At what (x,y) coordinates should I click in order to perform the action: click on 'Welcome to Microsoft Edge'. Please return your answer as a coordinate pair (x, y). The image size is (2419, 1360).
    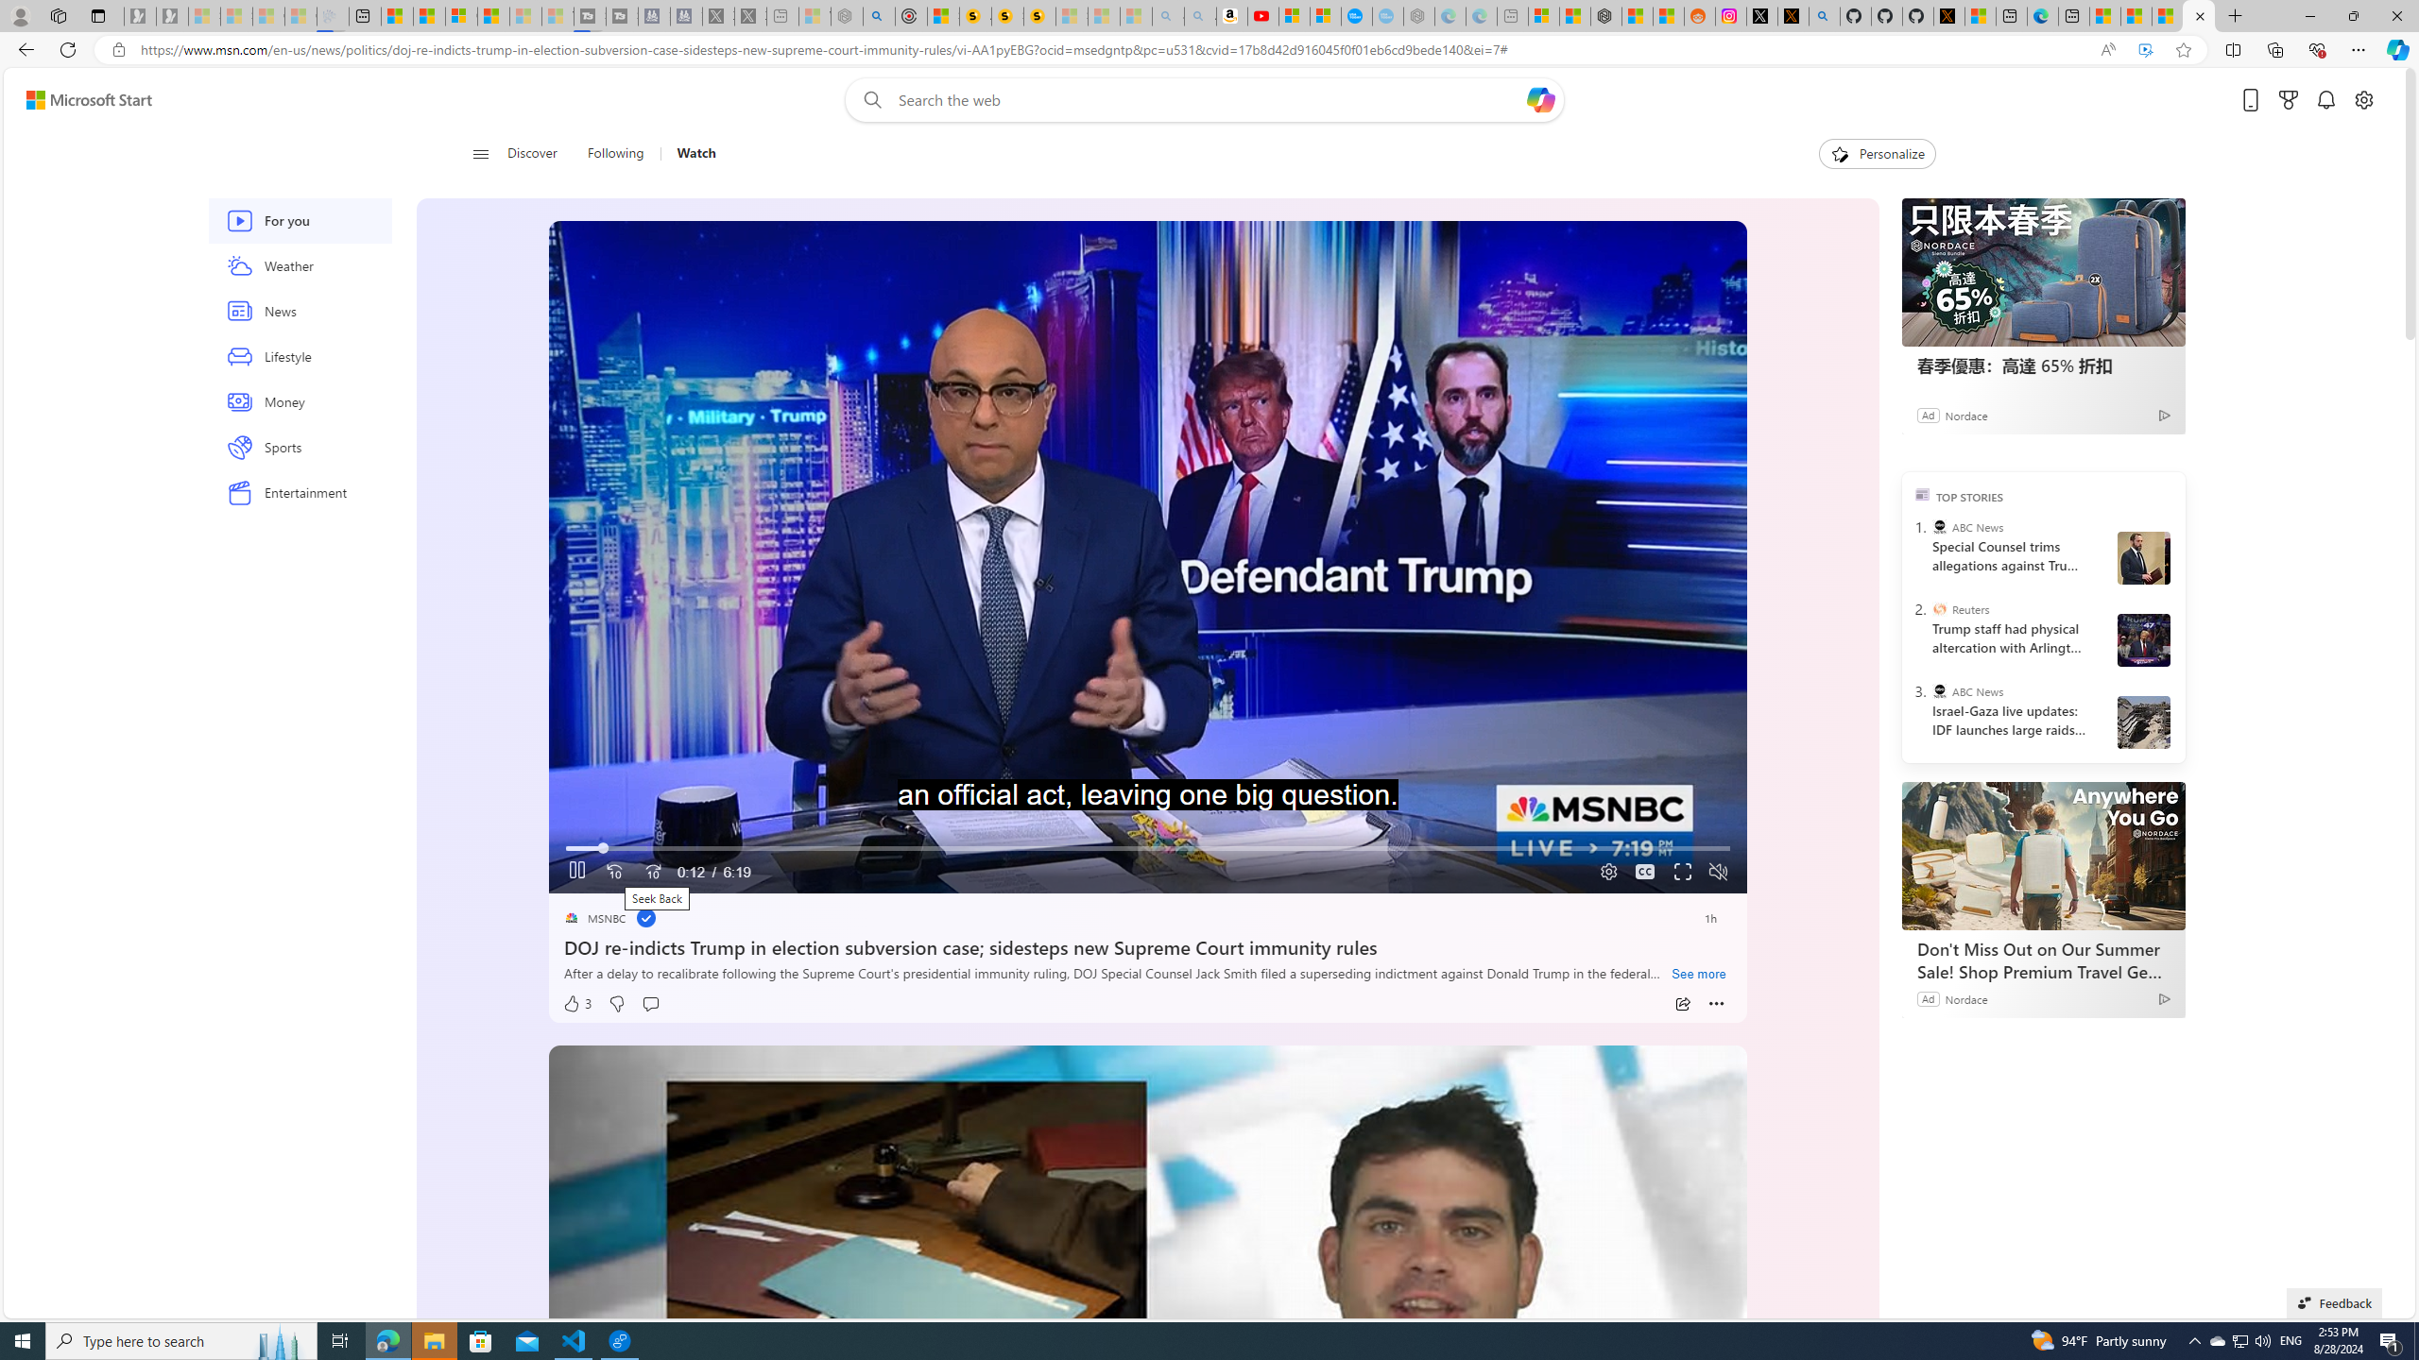
    Looking at the image, I should click on (2041, 15).